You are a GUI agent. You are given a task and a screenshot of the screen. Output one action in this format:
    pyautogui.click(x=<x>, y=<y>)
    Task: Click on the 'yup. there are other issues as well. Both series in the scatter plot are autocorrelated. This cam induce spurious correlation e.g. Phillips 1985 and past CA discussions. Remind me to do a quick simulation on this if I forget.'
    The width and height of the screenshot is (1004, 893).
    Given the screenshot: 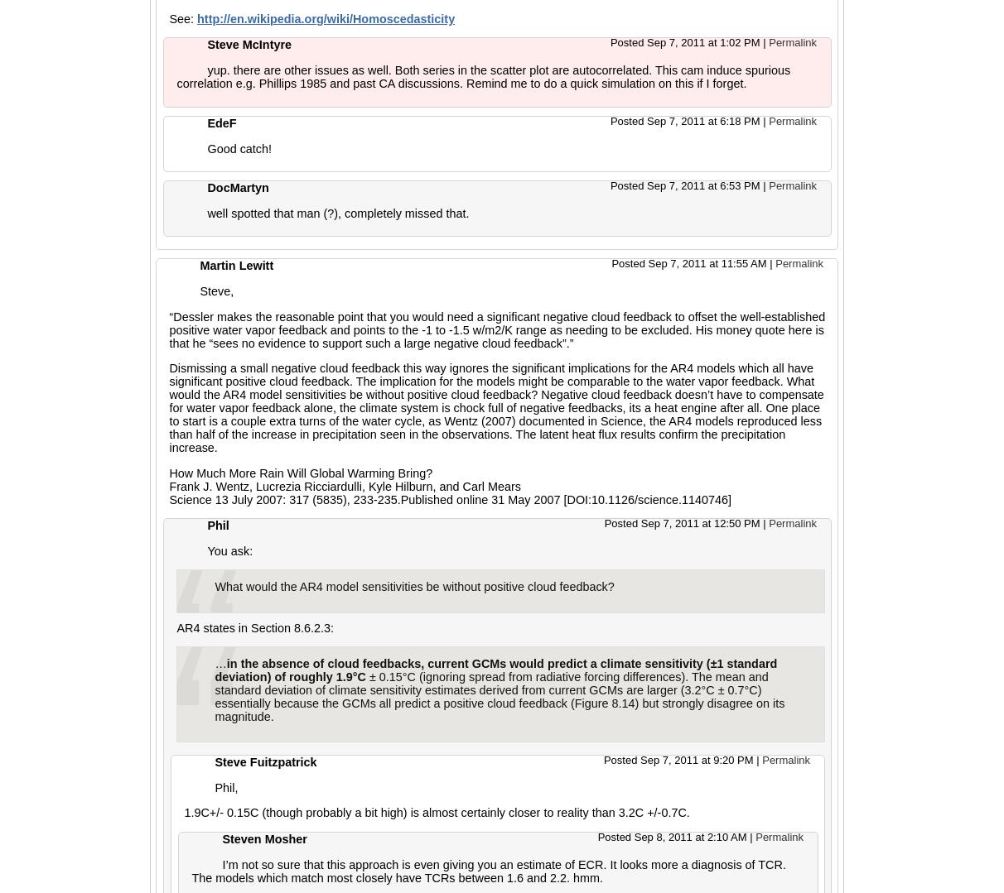 What is the action you would take?
    pyautogui.click(x=483, y=77)
    